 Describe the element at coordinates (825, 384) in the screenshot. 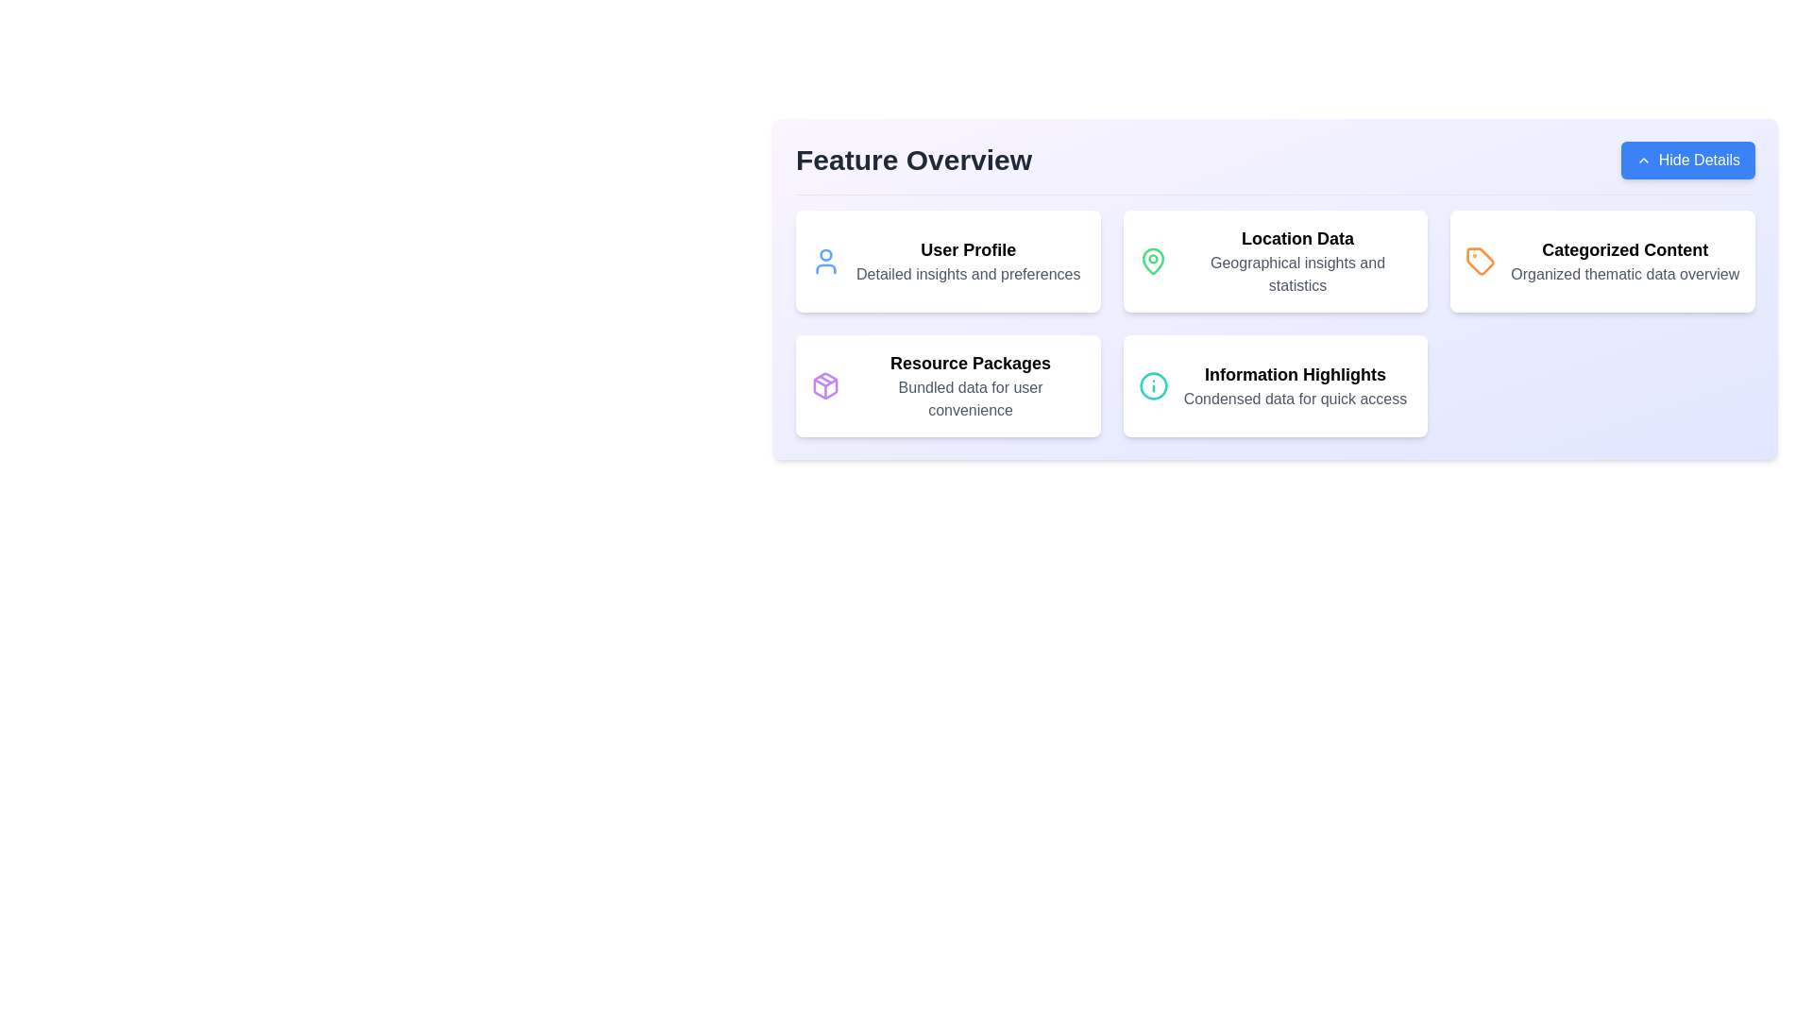

I see `the decorative icon representing 'Resource Packages' located in the lower-left quadrant of the 'Feature Overview' section grid` at that location.